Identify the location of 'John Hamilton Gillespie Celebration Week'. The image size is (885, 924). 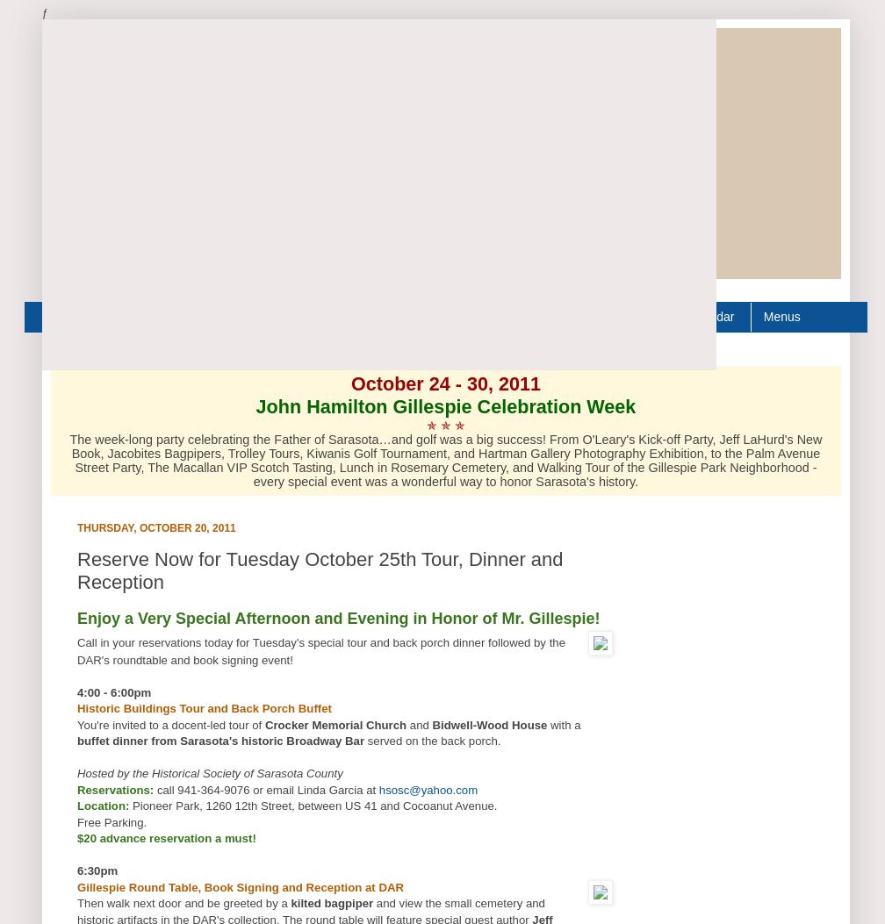
(445, 405).